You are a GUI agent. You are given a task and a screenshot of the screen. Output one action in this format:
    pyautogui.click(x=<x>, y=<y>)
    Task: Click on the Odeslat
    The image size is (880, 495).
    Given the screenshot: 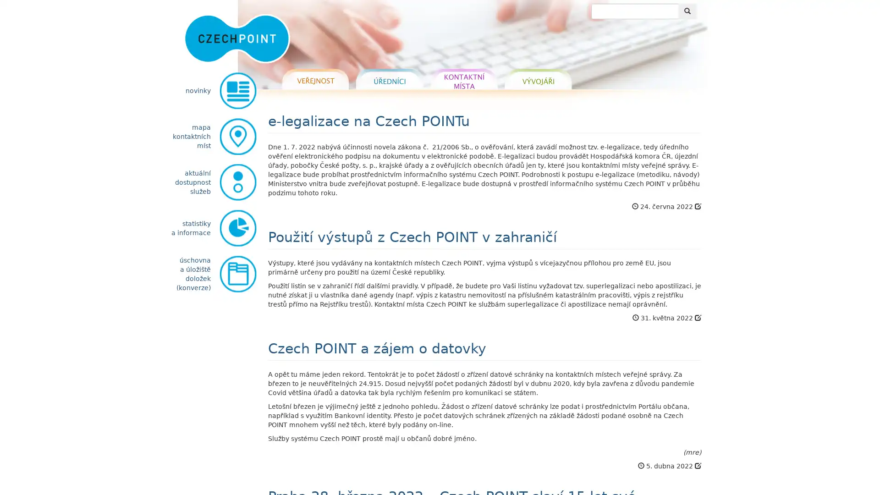 What is the action you would take?
    pyautogui.click(x=687, y=11)
    